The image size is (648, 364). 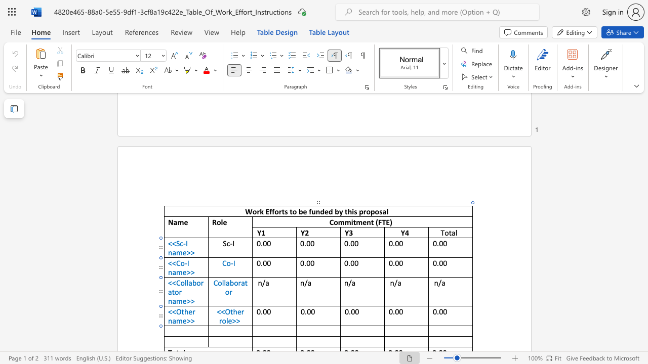 I want to click on the space between the continuous character "h" and "e" in the text, so click(x=236, y=311).